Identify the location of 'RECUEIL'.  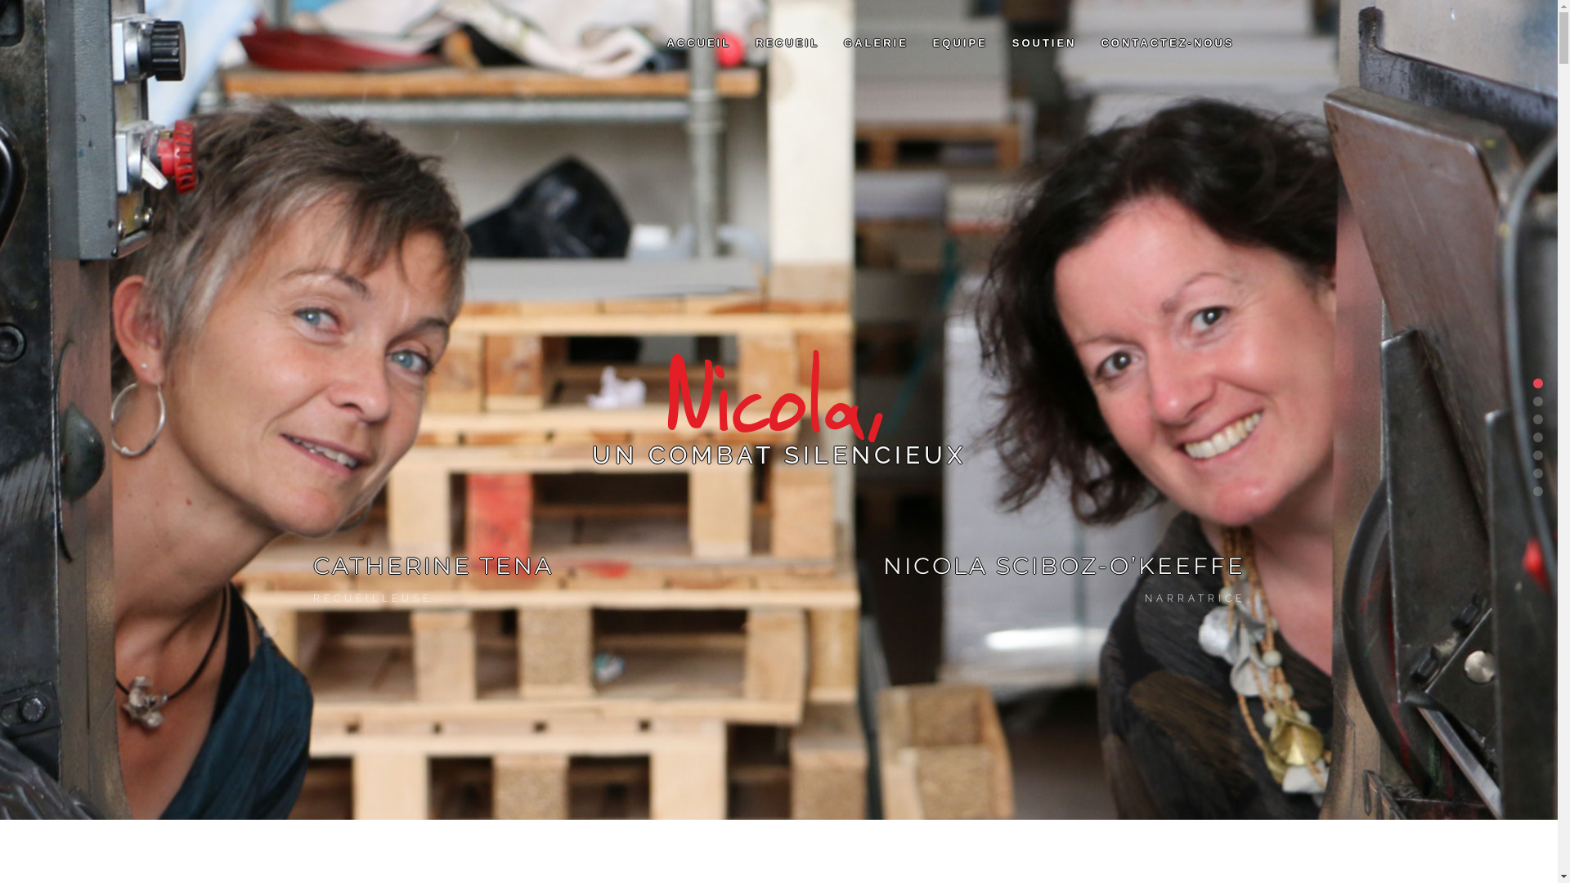
(787, 43).